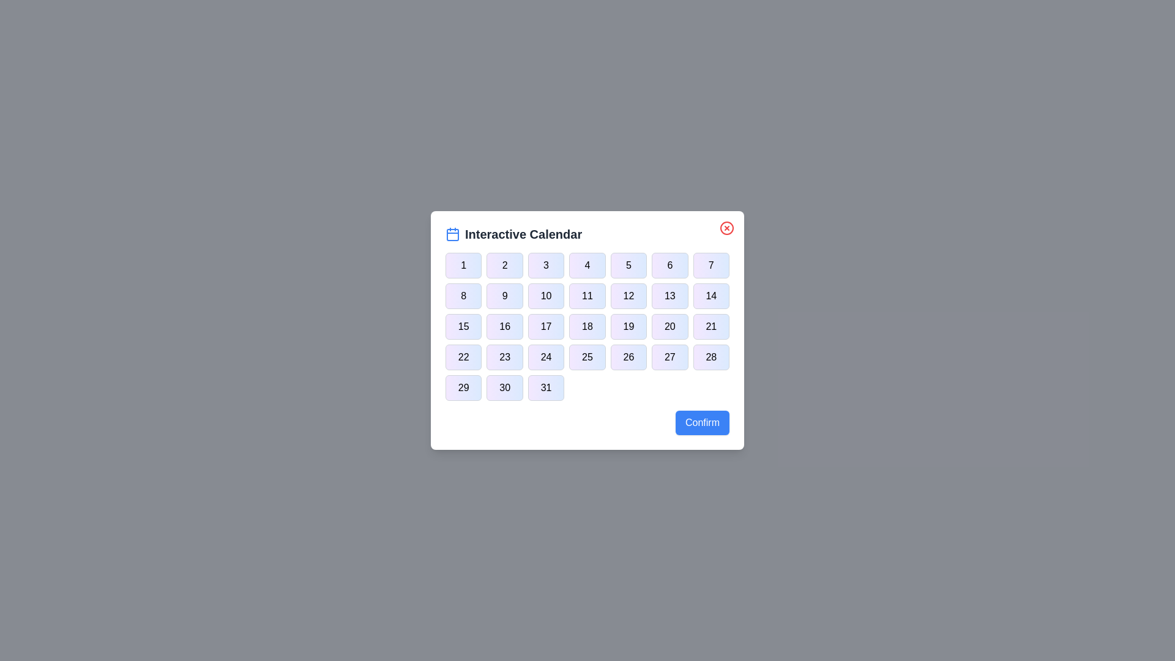  I want to click on the button corresponding to day 24 in the calendar, so click(545, 357).